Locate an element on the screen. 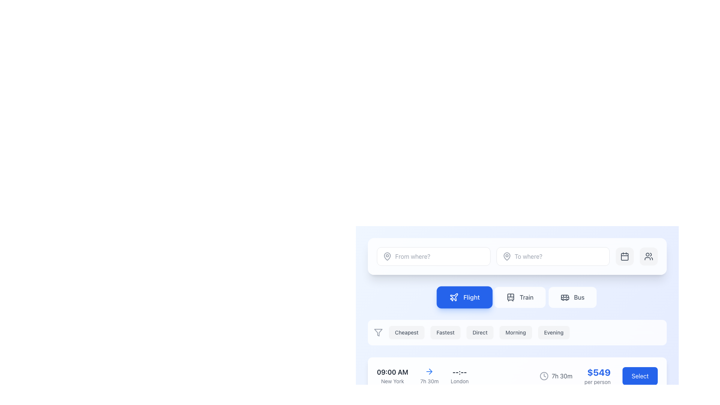 Image resolution: width=720 pixels, height=405 pixels. the static text label that displays the duration of a flight, located below the blue arrow icon in the flight booking interface is located at coordinates (429, 381).